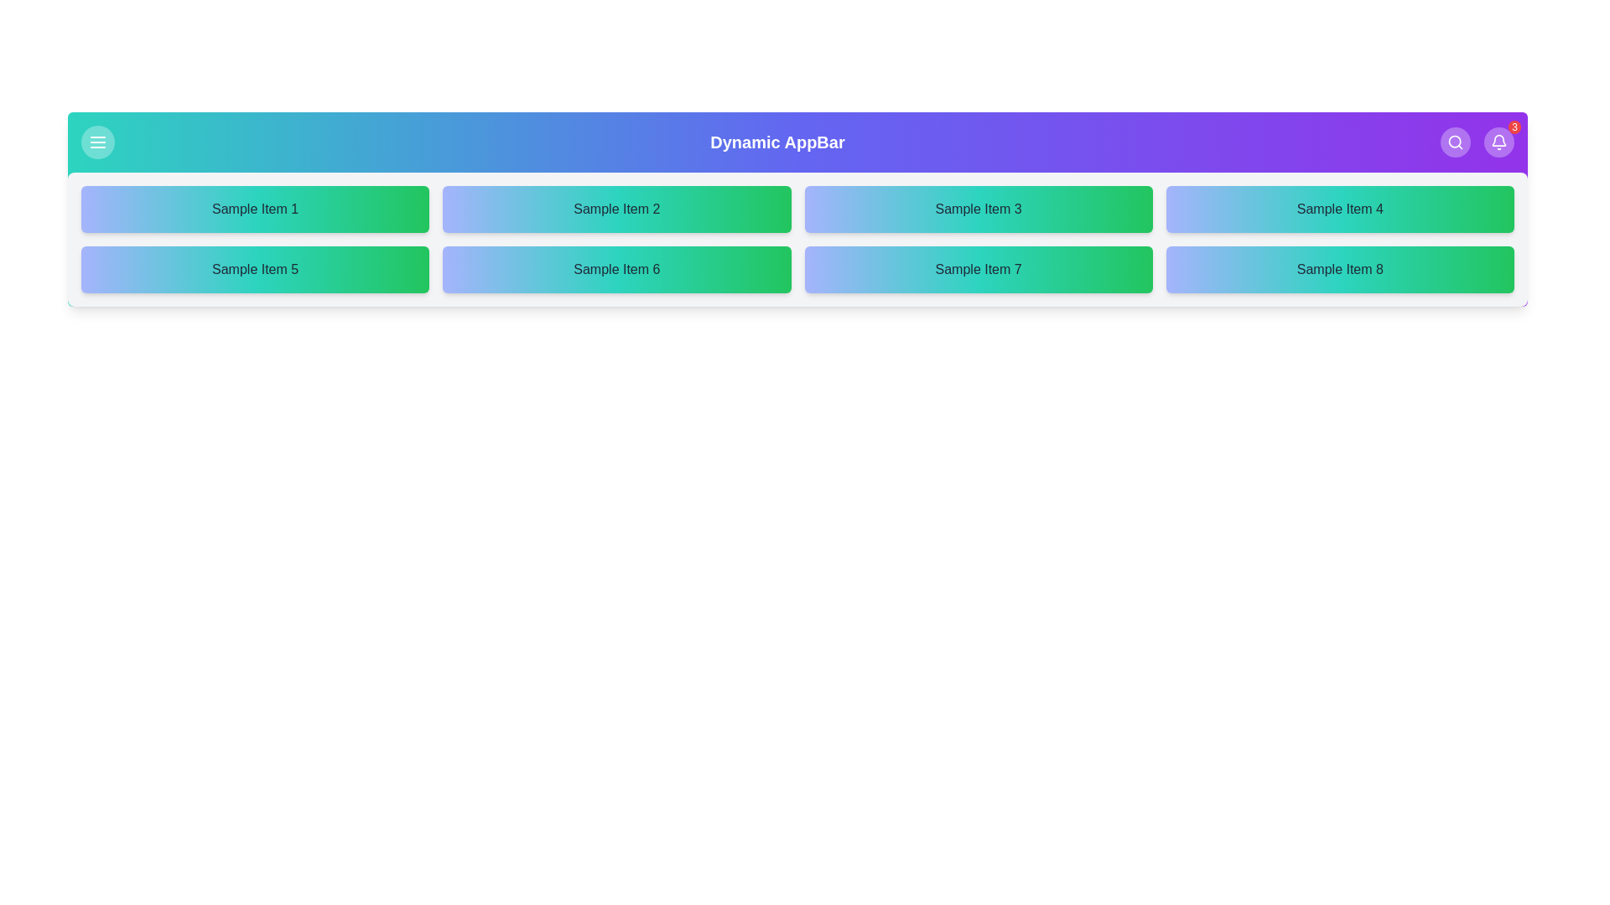 The image size is (1610, 905). What do you see at coordinates (1498, 141) in the screenshot?
I see `the notification (bell) button to view notifications` at bounding box center [1498, 141].